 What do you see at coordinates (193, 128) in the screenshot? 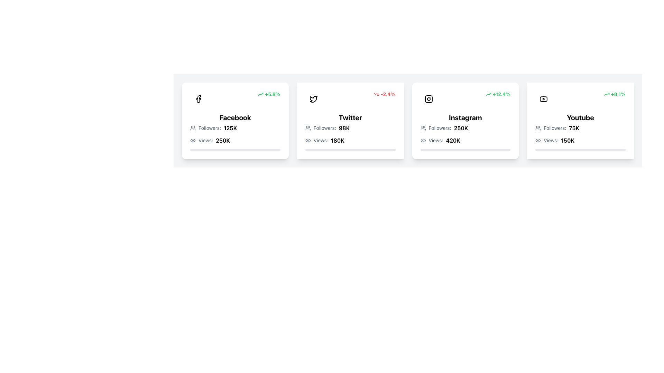
I see `the follower icon located next to the 'Followers:' label in the Facebook account card` at bounding box center [193, 128].